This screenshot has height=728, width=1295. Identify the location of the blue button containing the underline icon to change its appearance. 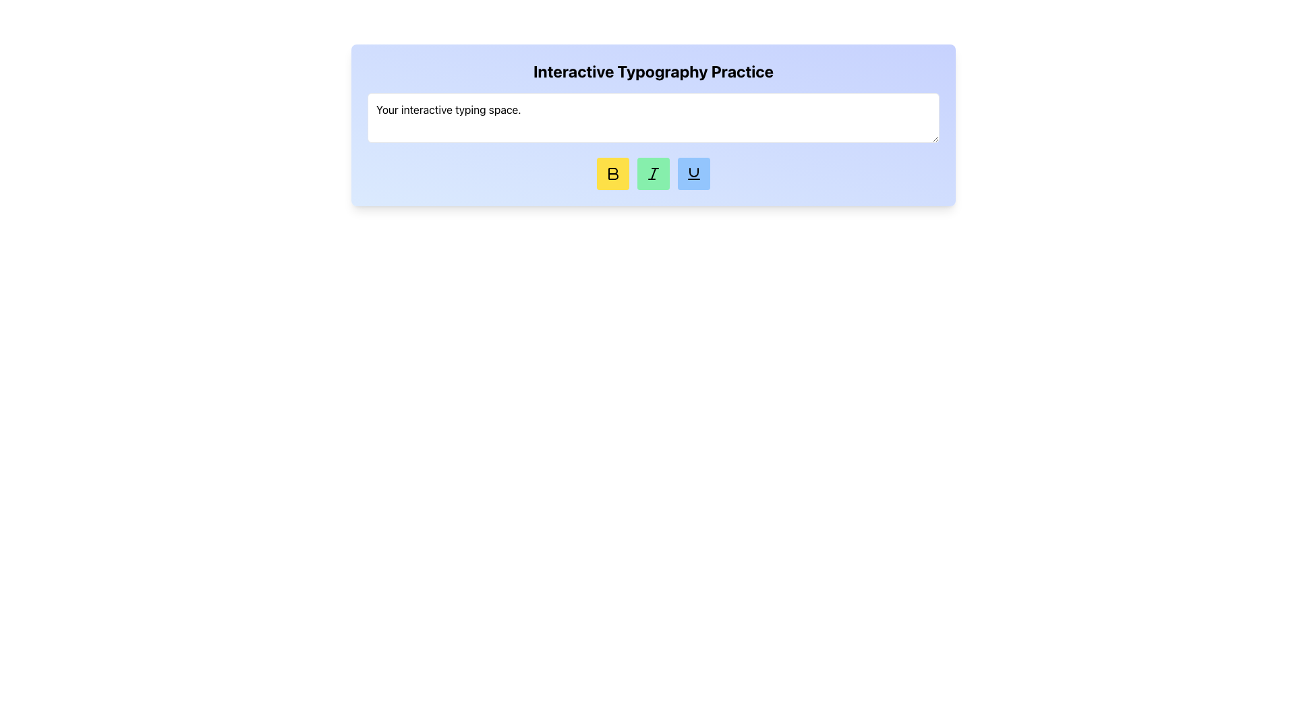
(693, 173).